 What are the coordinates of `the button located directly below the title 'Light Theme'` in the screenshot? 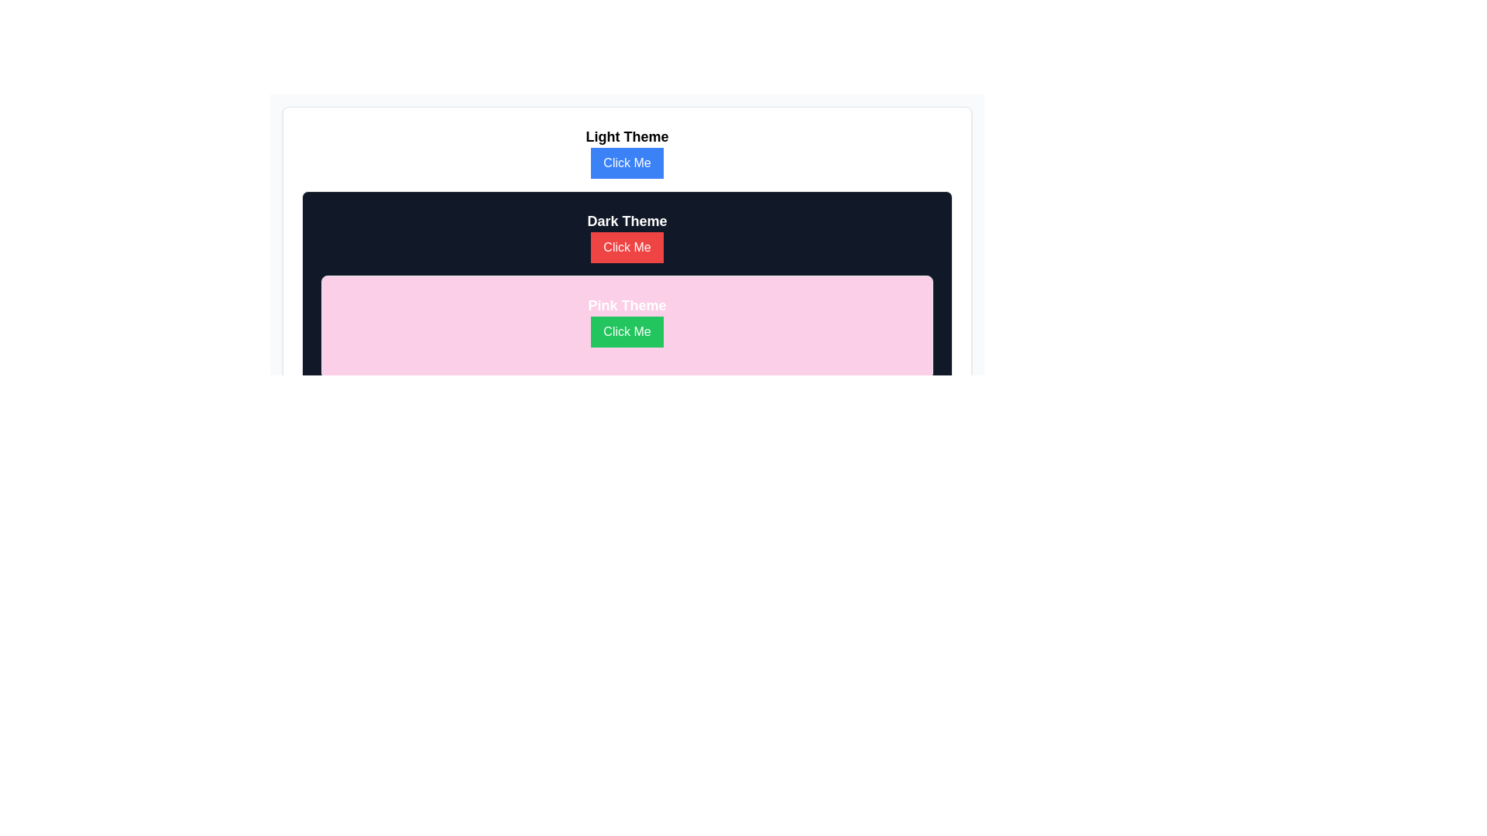 It's located at (627, 163).